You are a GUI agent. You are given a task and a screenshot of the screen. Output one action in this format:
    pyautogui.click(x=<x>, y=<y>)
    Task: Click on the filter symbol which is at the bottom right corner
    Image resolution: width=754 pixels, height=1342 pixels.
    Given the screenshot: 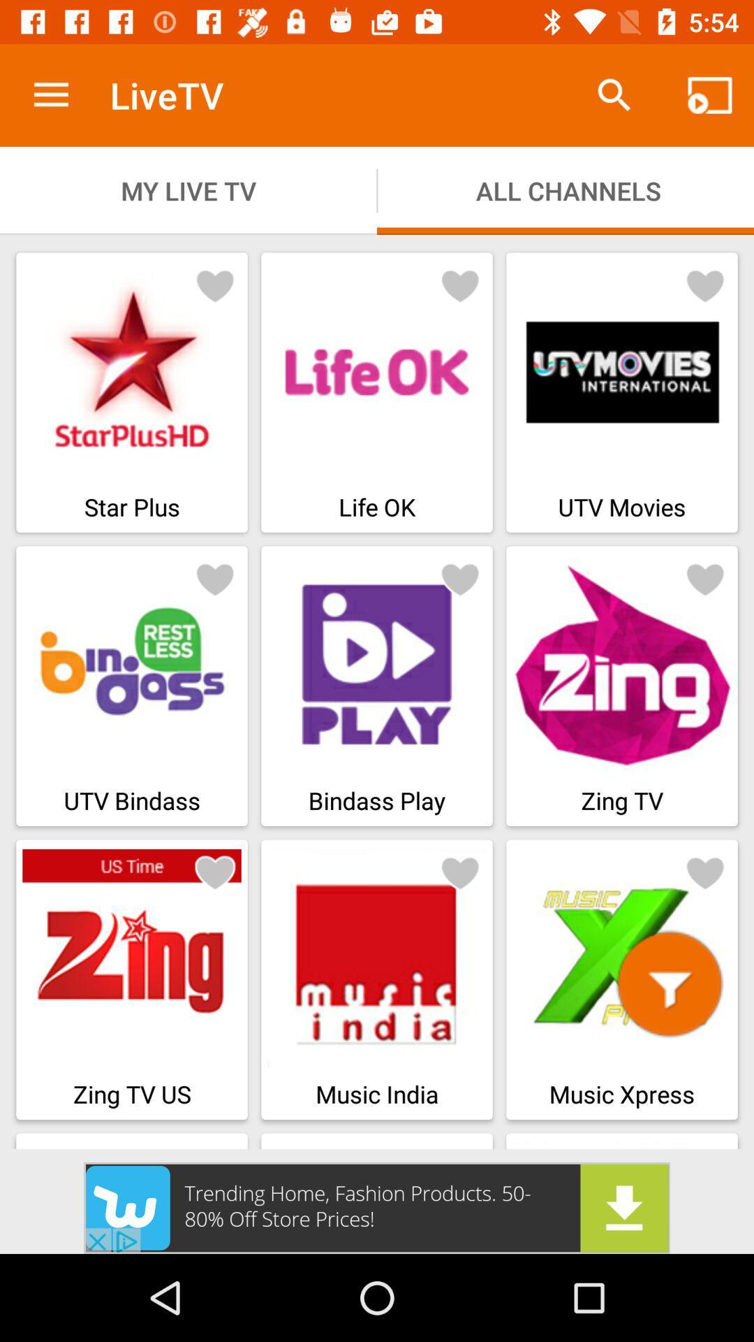 What is the action you would take?
    pyautogui.click(x=669, y=983)
    